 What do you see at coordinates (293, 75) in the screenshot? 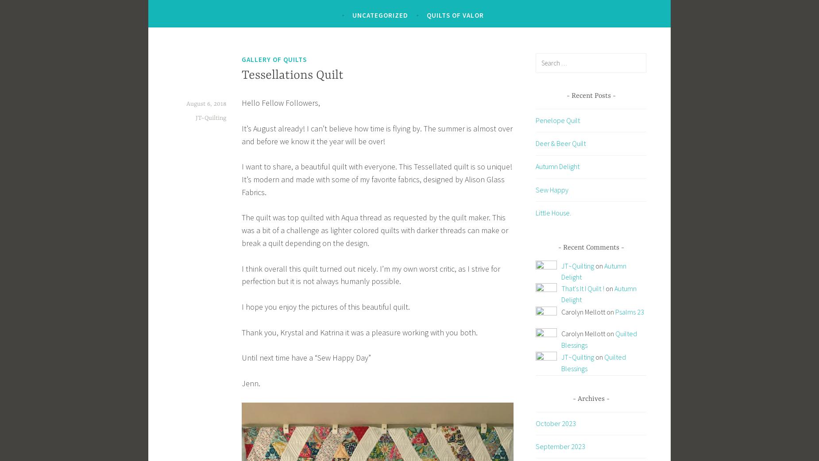
I see `'Tessellations Quilt'` at bounding box center [293, 75].